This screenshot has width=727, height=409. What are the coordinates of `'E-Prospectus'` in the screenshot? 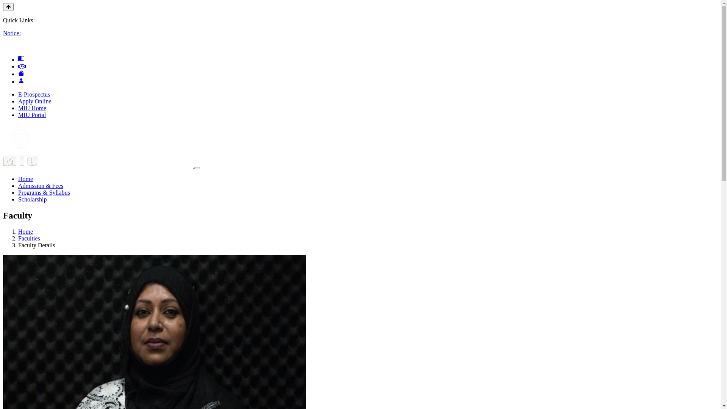 It's located at (34, 94).